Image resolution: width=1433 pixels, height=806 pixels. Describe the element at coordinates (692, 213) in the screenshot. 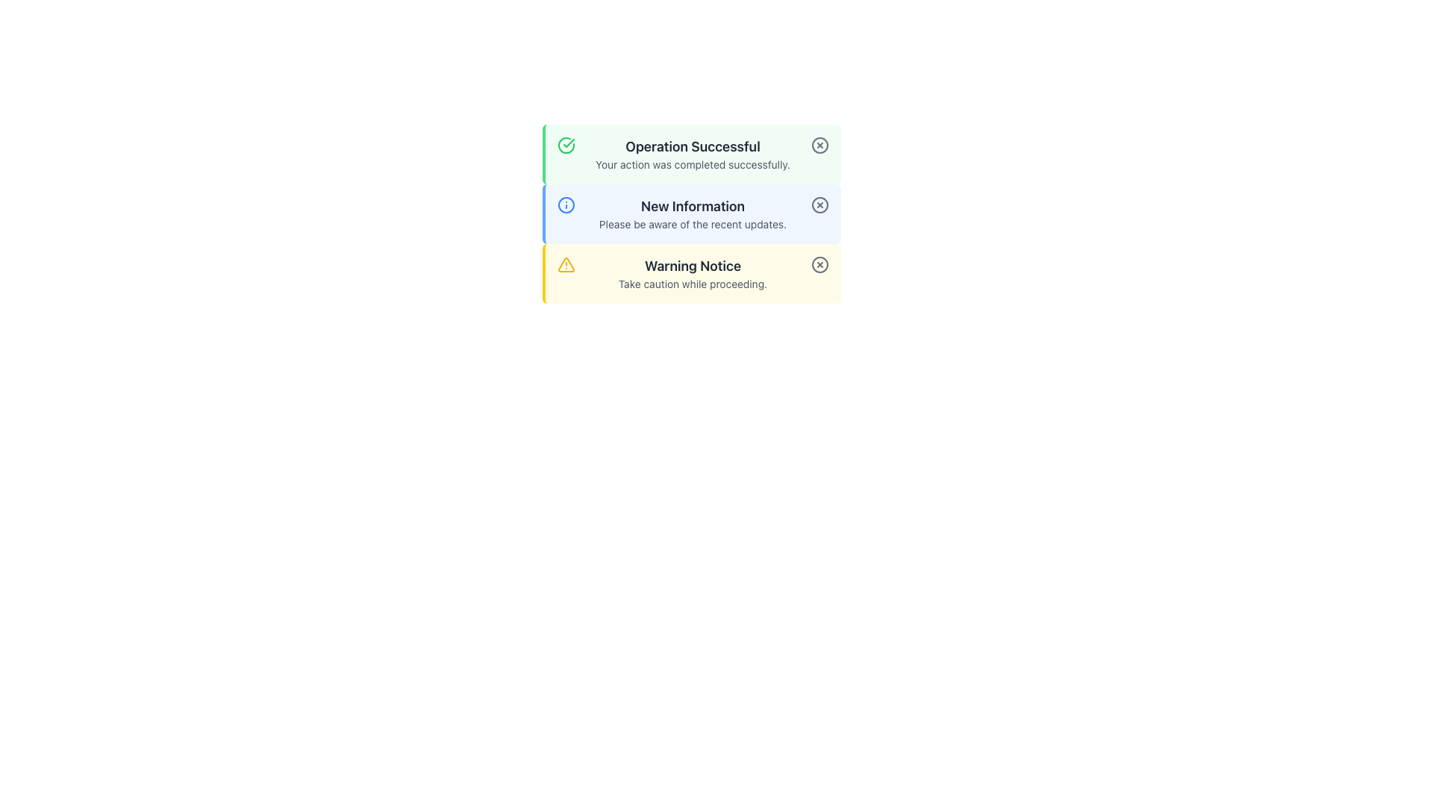

I see `the text block element displaying 'New Information' and 'Please be aware of the recent updates.'` at that location.